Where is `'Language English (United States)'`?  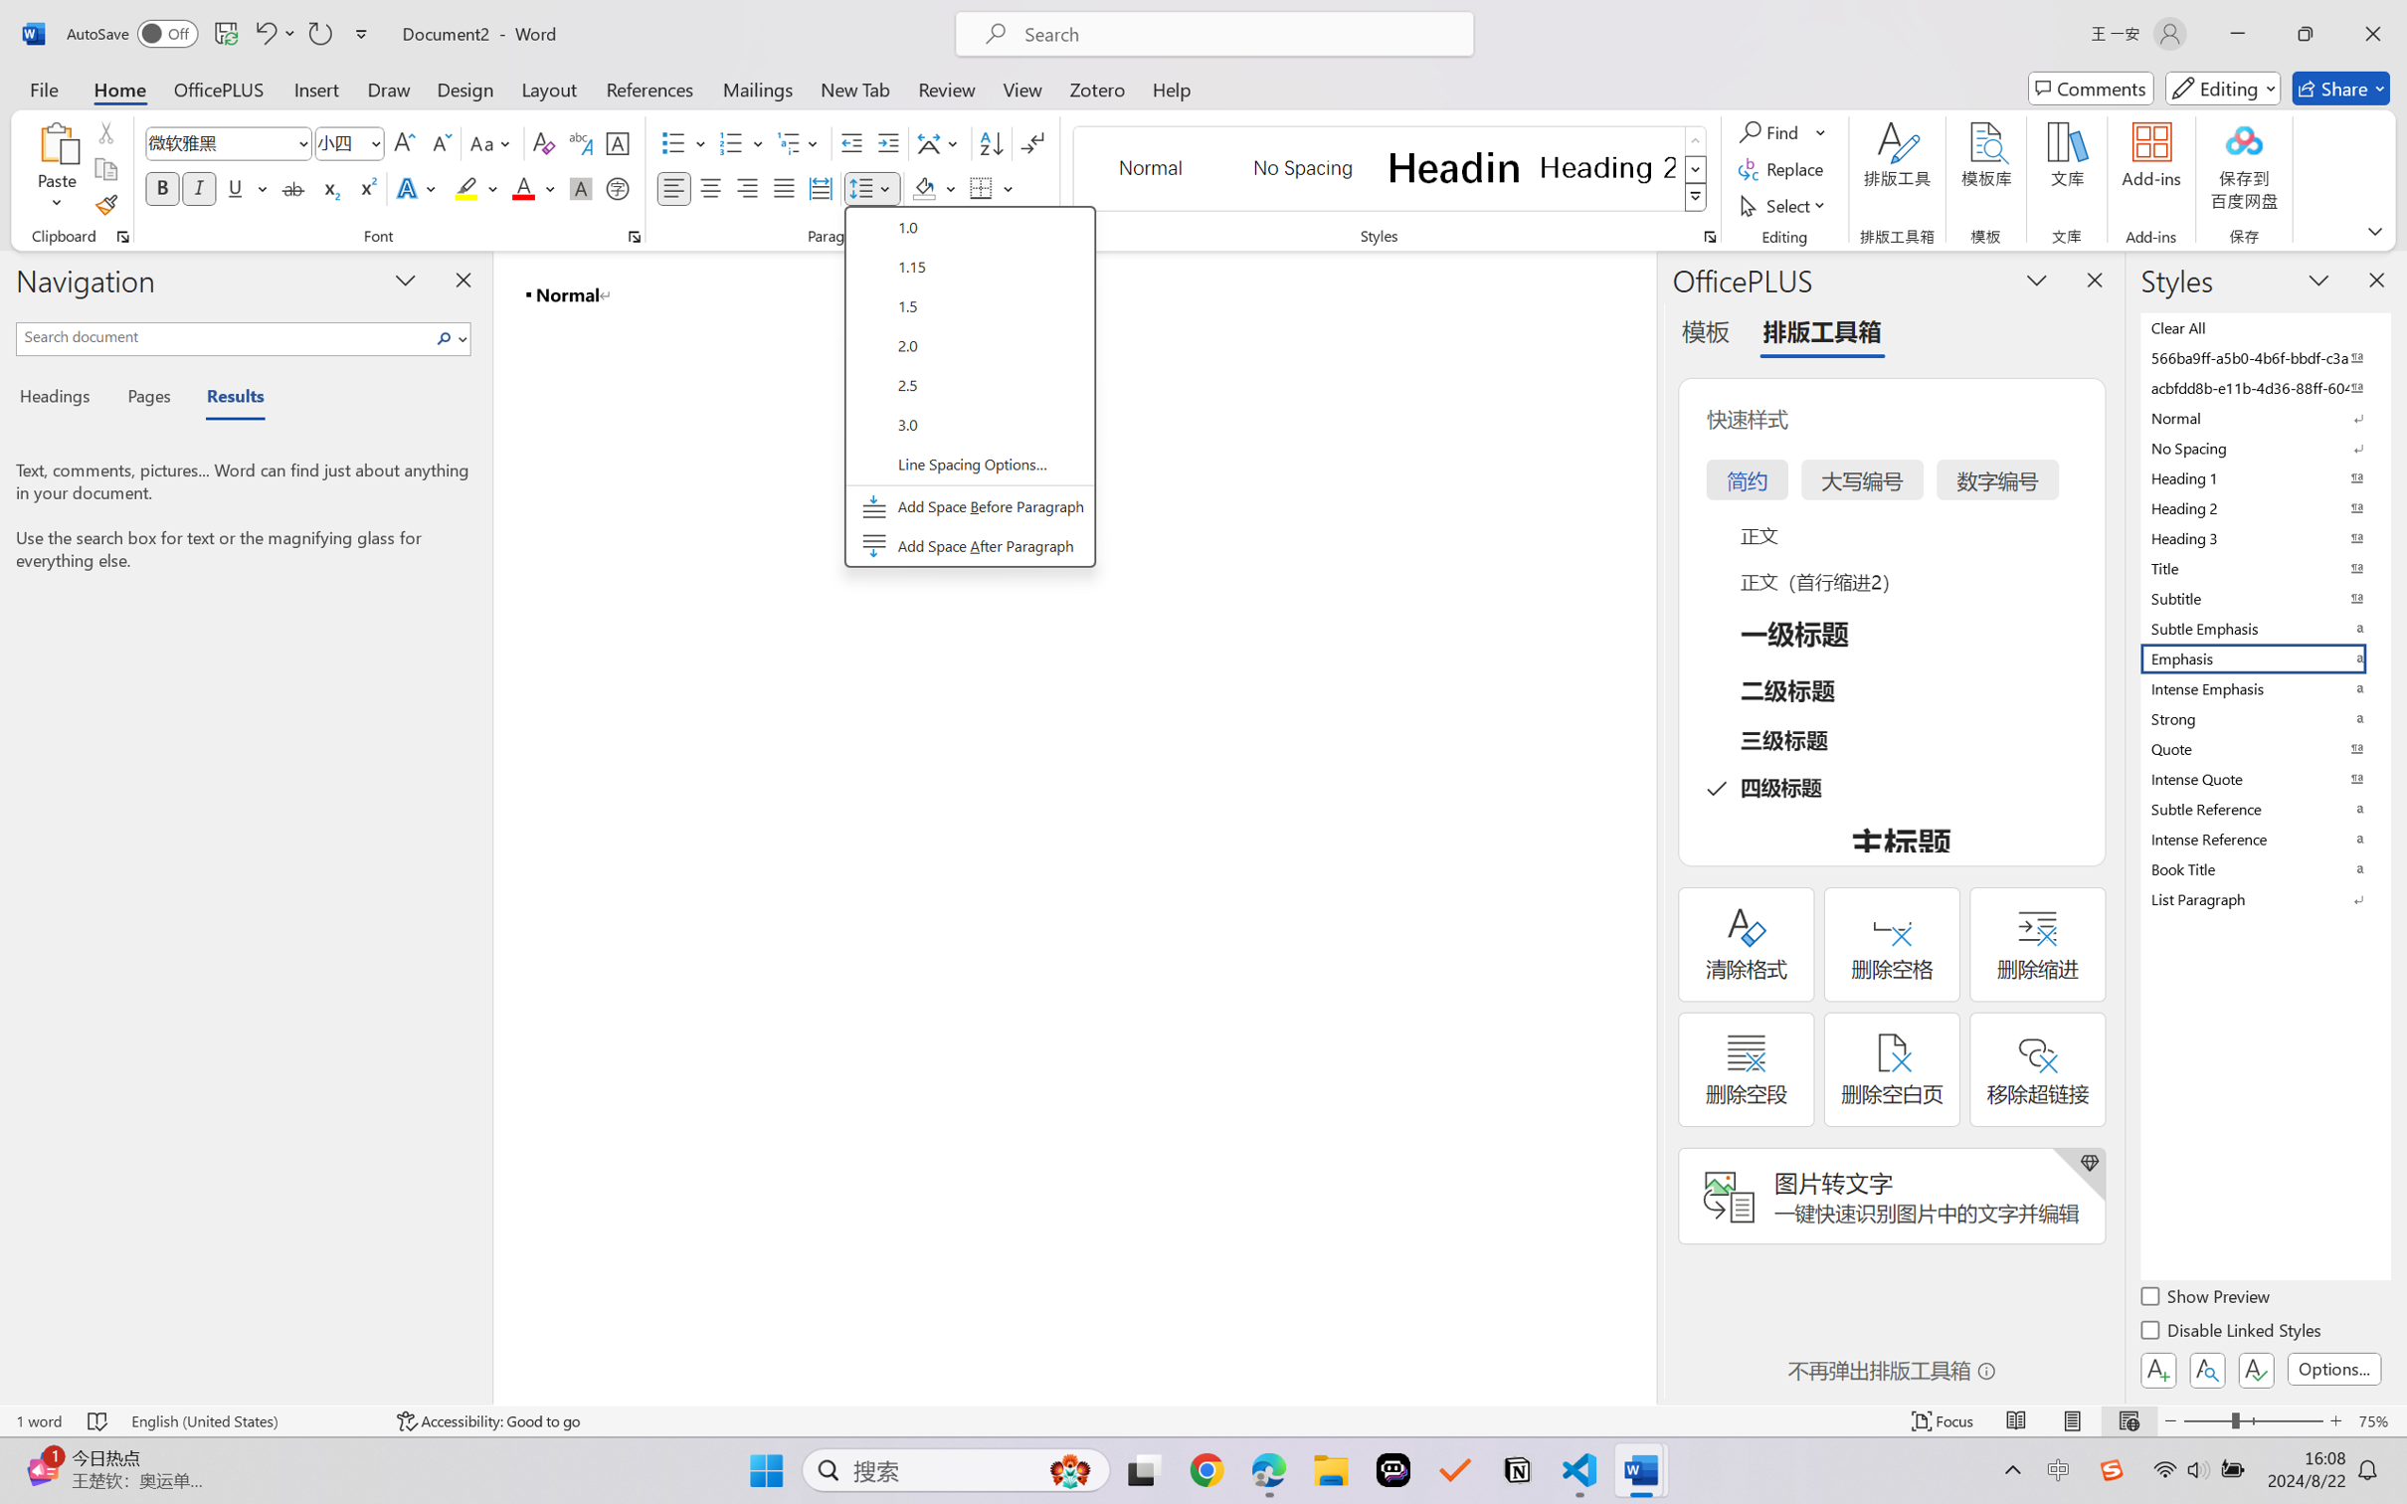 'Language English (United States)' is located at coordinates (250, 1420).